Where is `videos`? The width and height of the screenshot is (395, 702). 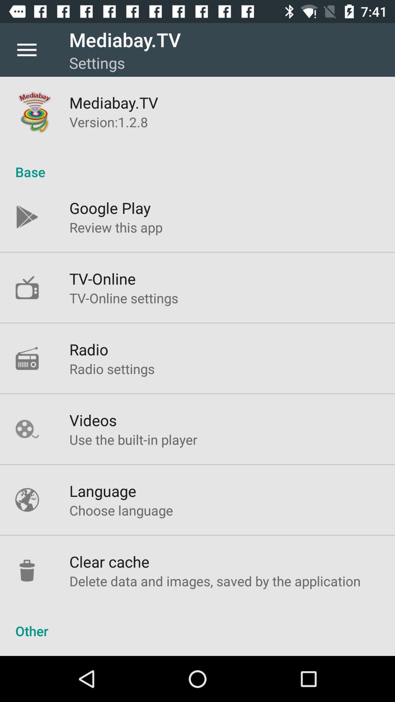
videos is located at coordinates (93, 420).